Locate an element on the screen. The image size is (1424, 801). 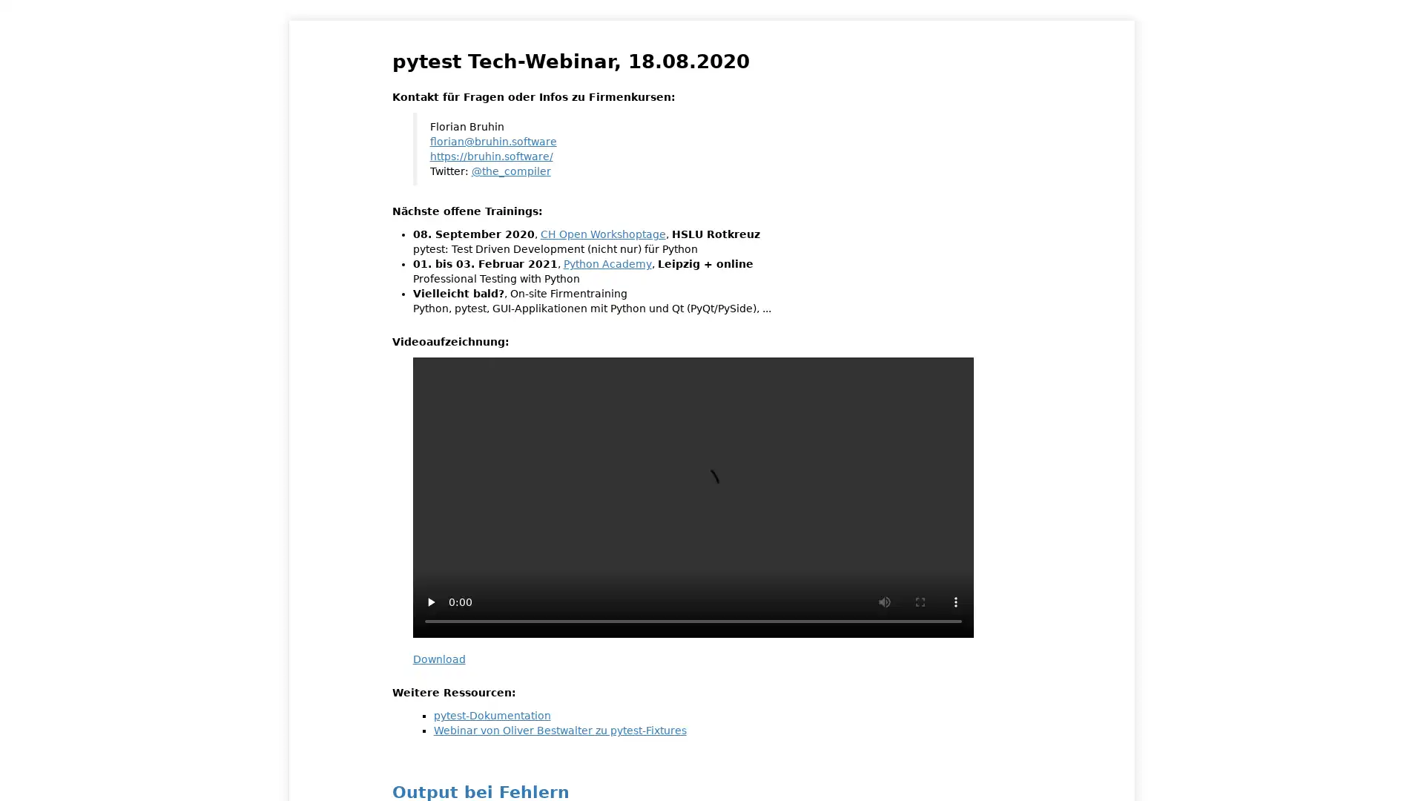
enter full screen is located at coordinates (918, 602).